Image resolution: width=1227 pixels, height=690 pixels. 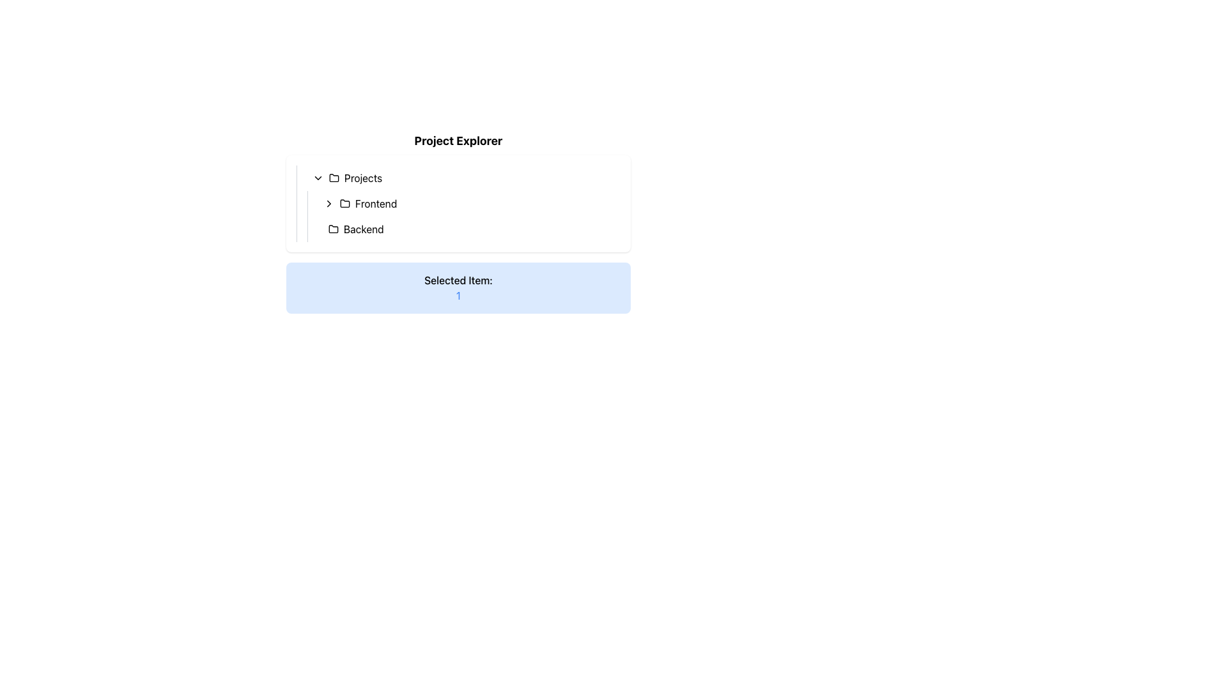 What do you see at coordinates (463, 203) in the screenshot?
I see `the 'Frontend' item` at bounding box center [463, 203].